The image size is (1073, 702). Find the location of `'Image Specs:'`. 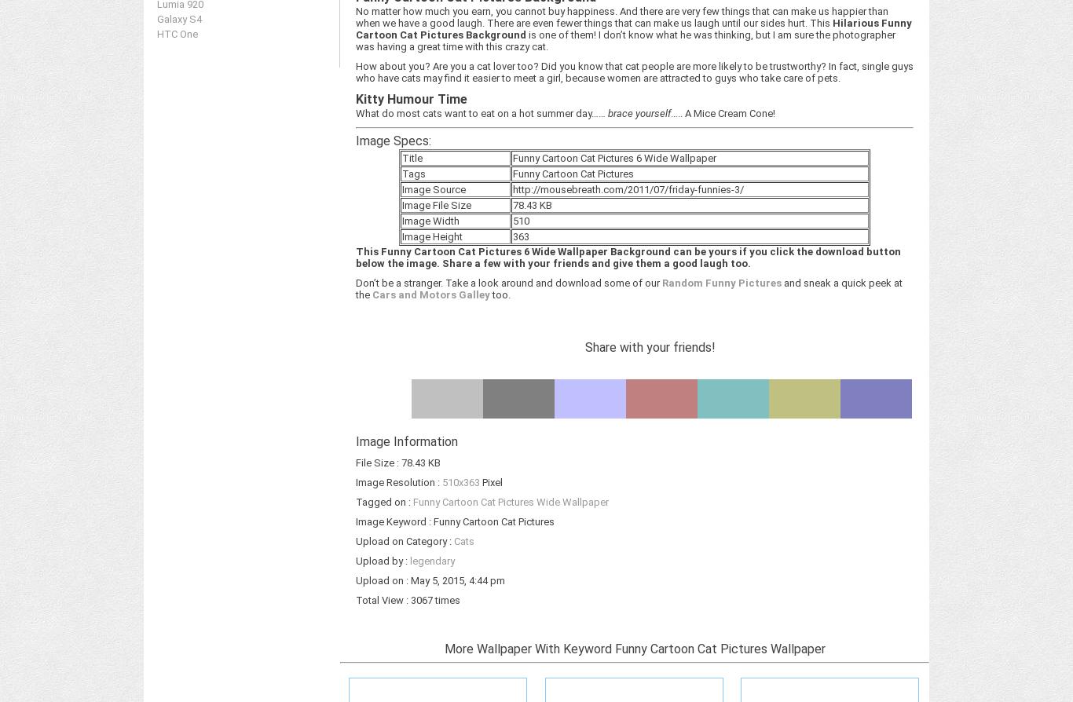

'Image Specs:' is located at coordinates (394, 141).